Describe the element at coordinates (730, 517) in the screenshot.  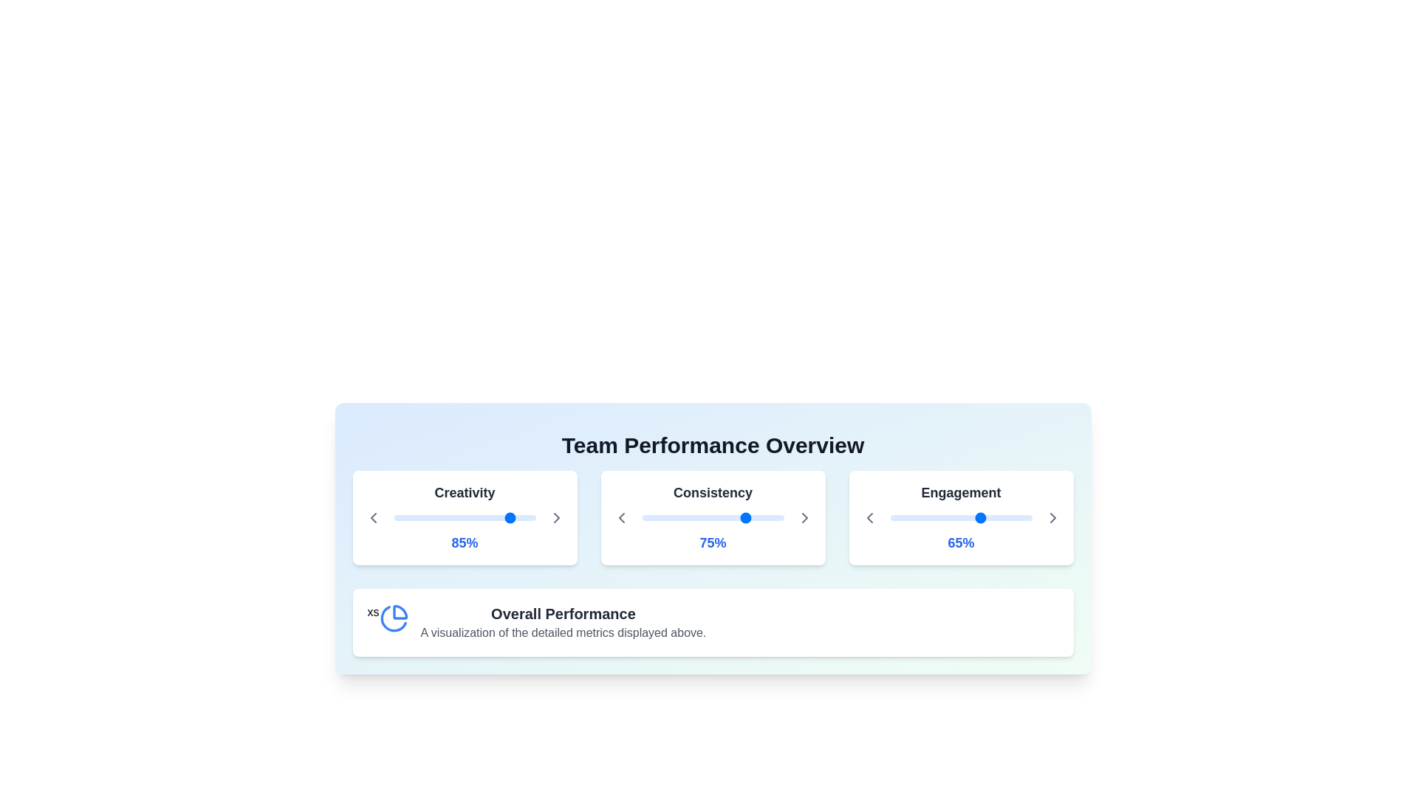
I see `the consistency score` at that location.